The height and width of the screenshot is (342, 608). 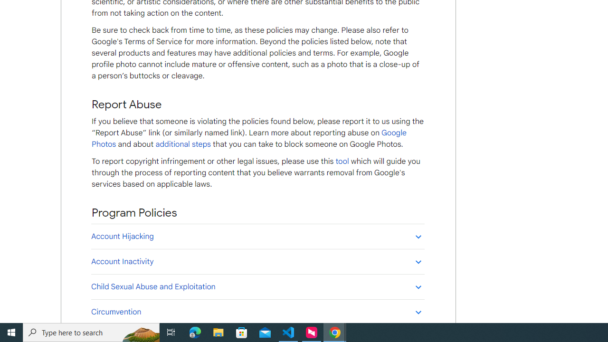 What do you see at coordinates (183, 144) in the screenshot?
I see `'additional steps'` at bounding box center [183, 144].